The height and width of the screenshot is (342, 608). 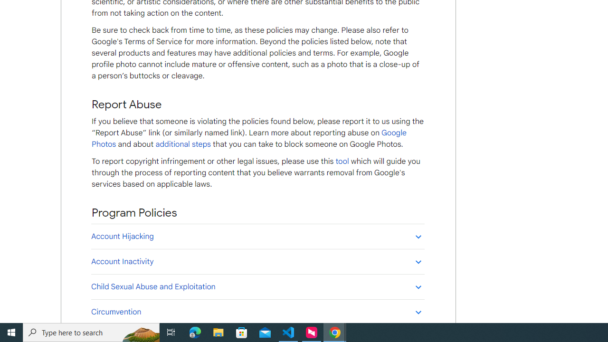 What do you see at coordinates (183, 144) in the screenshot?
I see `'additional steps'` at bounding box center [183, 144].